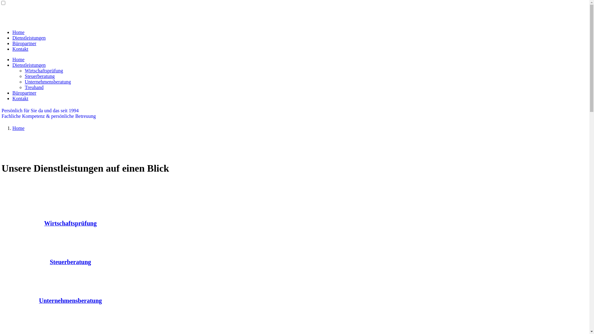 Image resolution: width=594 pixels, height=334 pixels. I want to click on 'Home', so click(18, 128).